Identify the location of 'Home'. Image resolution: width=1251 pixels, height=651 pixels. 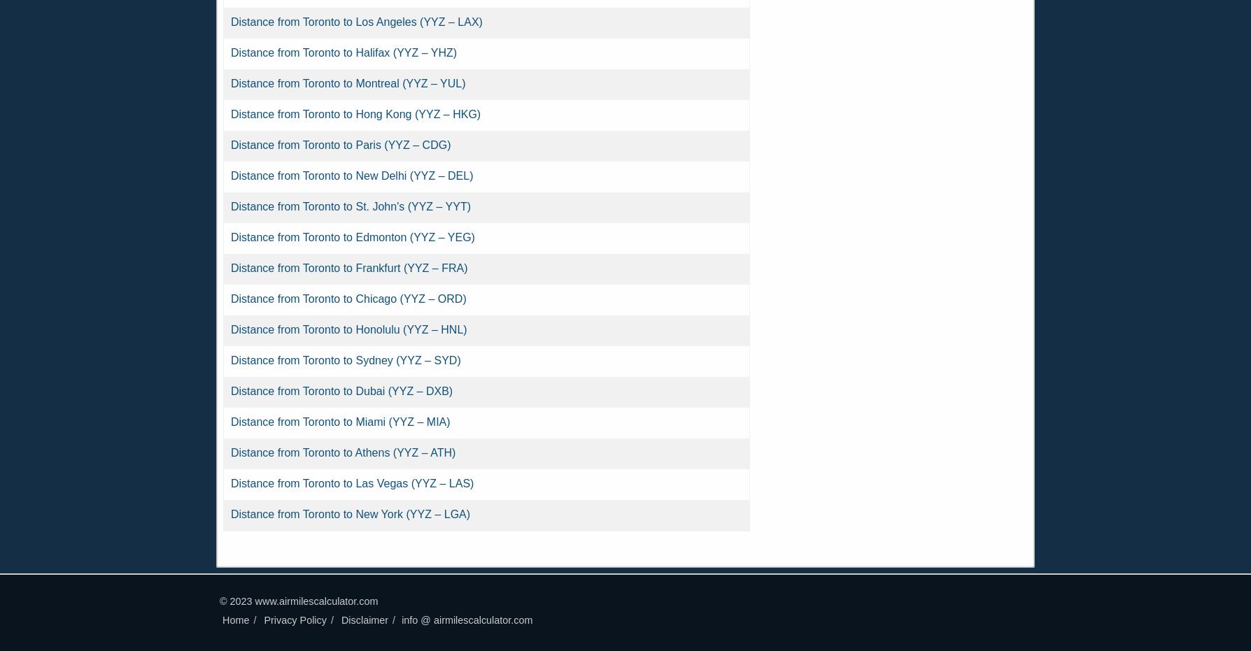
(235, 620).